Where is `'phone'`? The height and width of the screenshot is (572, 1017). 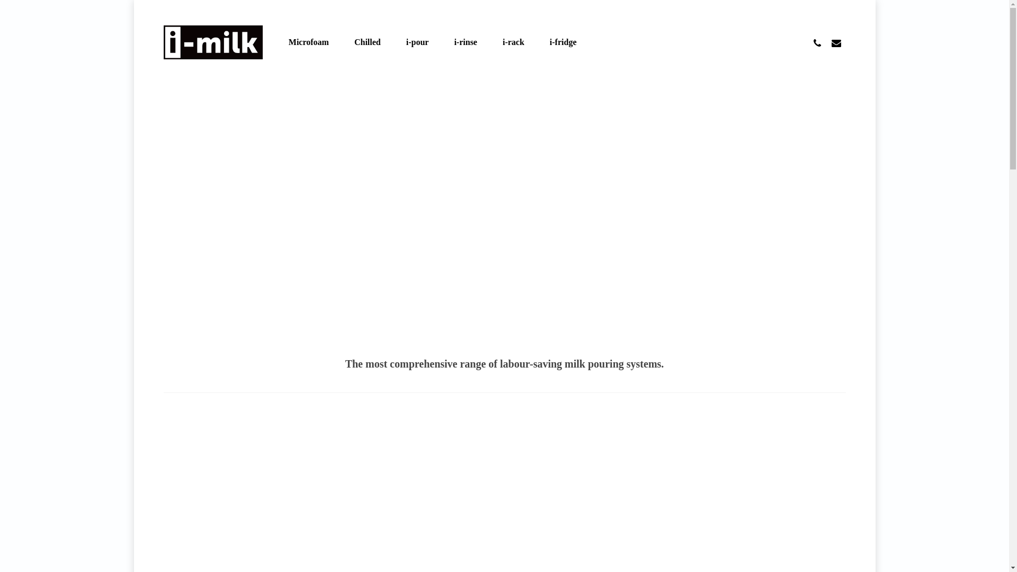
'phone' is located at coordinates (806, 41).